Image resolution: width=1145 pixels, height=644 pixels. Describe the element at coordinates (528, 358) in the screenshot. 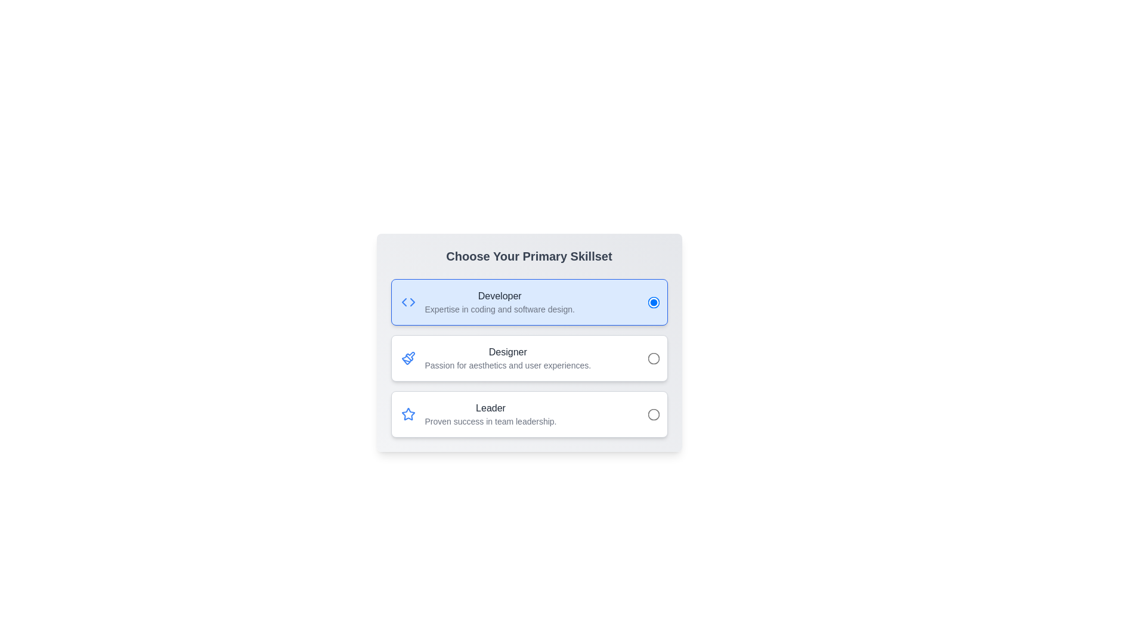

I see `the 'Designer' skillset radio button, which is a rectangular box with a blue paintbrush icon and the text 'Designer' above the subtitle 'Passion for aesthetics and user experiences'` at that location.